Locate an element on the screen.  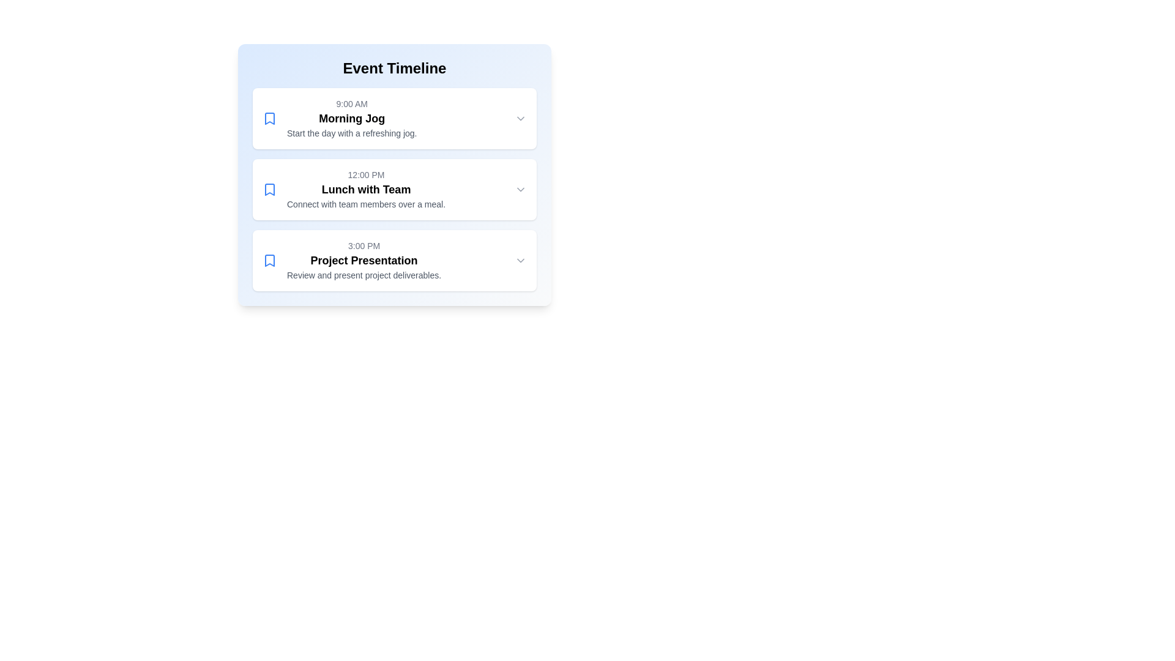
the blue bookmark-shaped icon located on the left side of the '9:00 AM Morning Jog' event tile is located at coordinates (269, 118).